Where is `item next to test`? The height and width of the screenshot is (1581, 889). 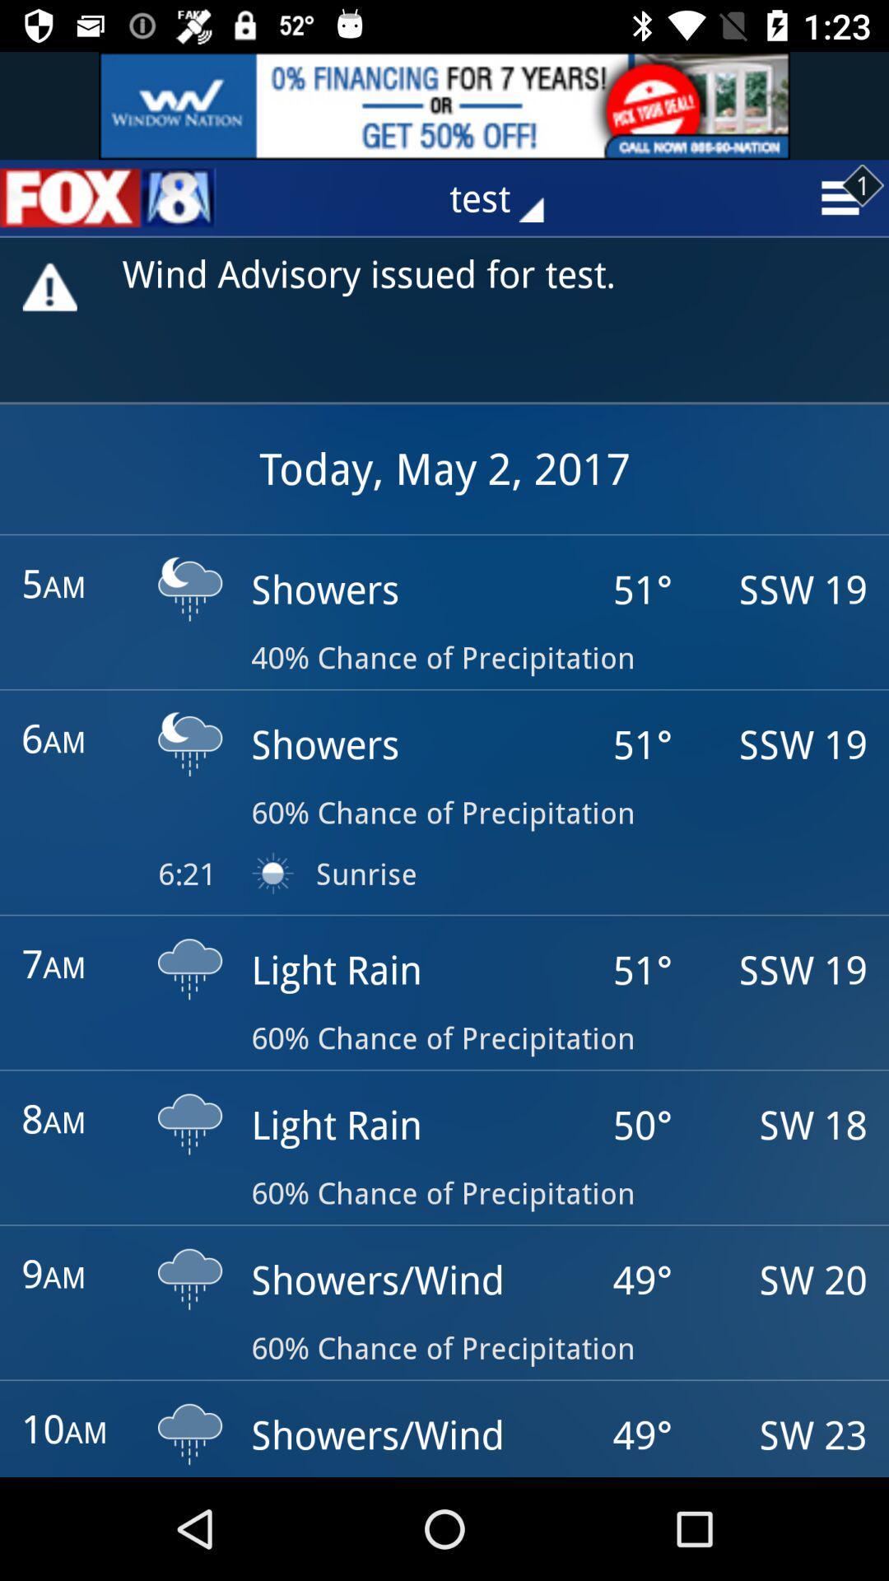
item next to test is located at coordinates (108, 198).